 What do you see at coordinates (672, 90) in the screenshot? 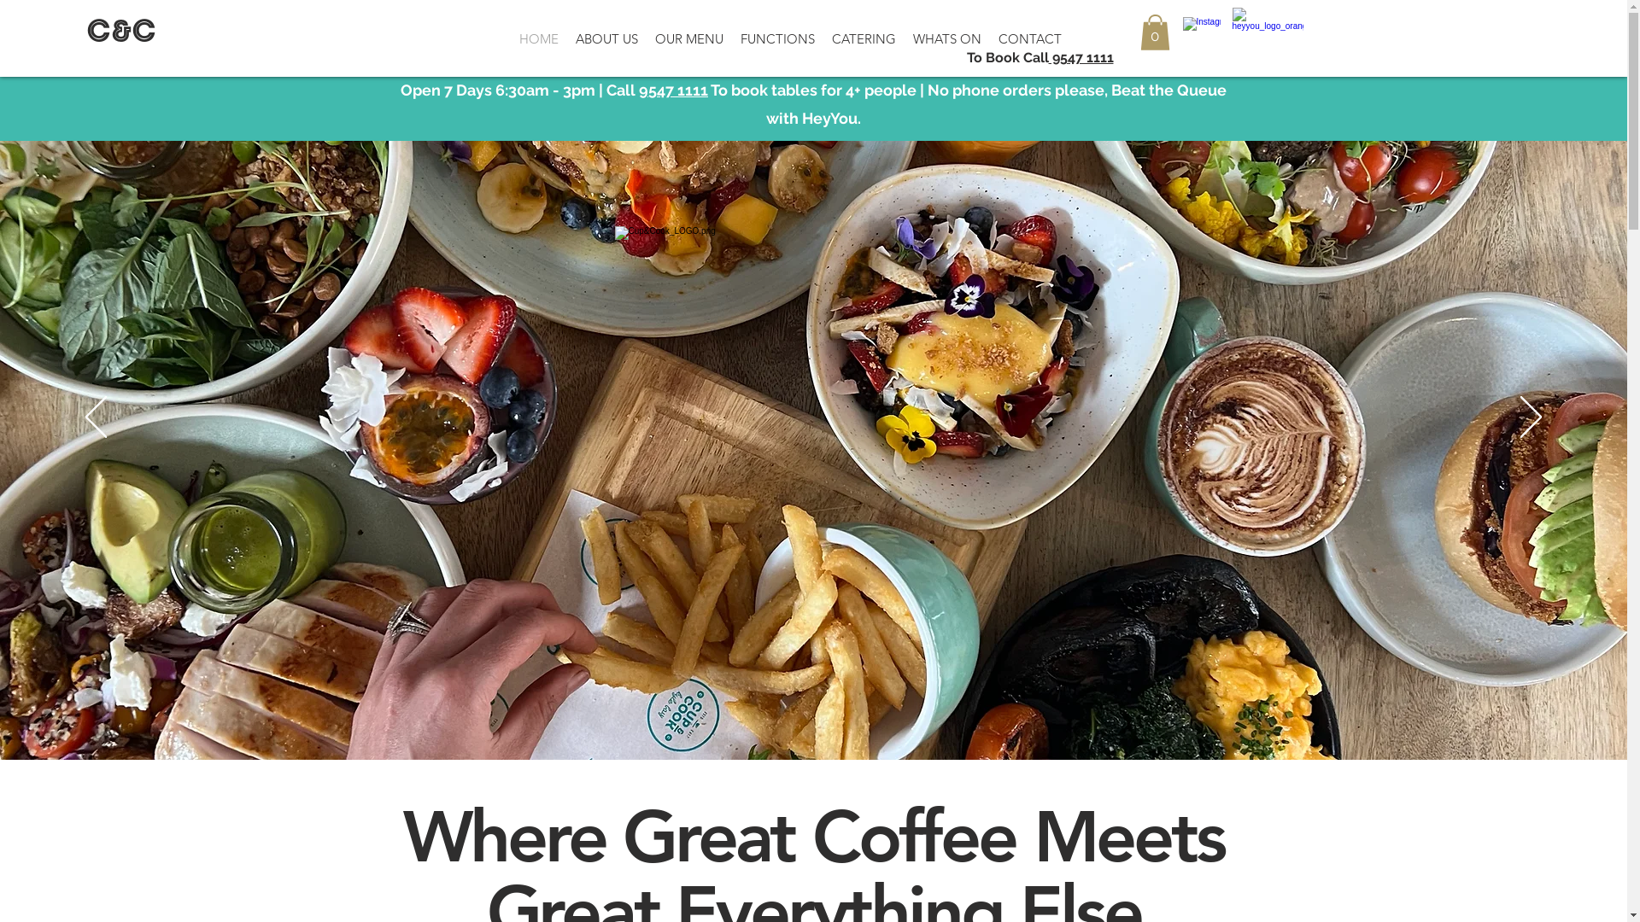
I see `'9547 1111'` at bounding box center [672, 90].